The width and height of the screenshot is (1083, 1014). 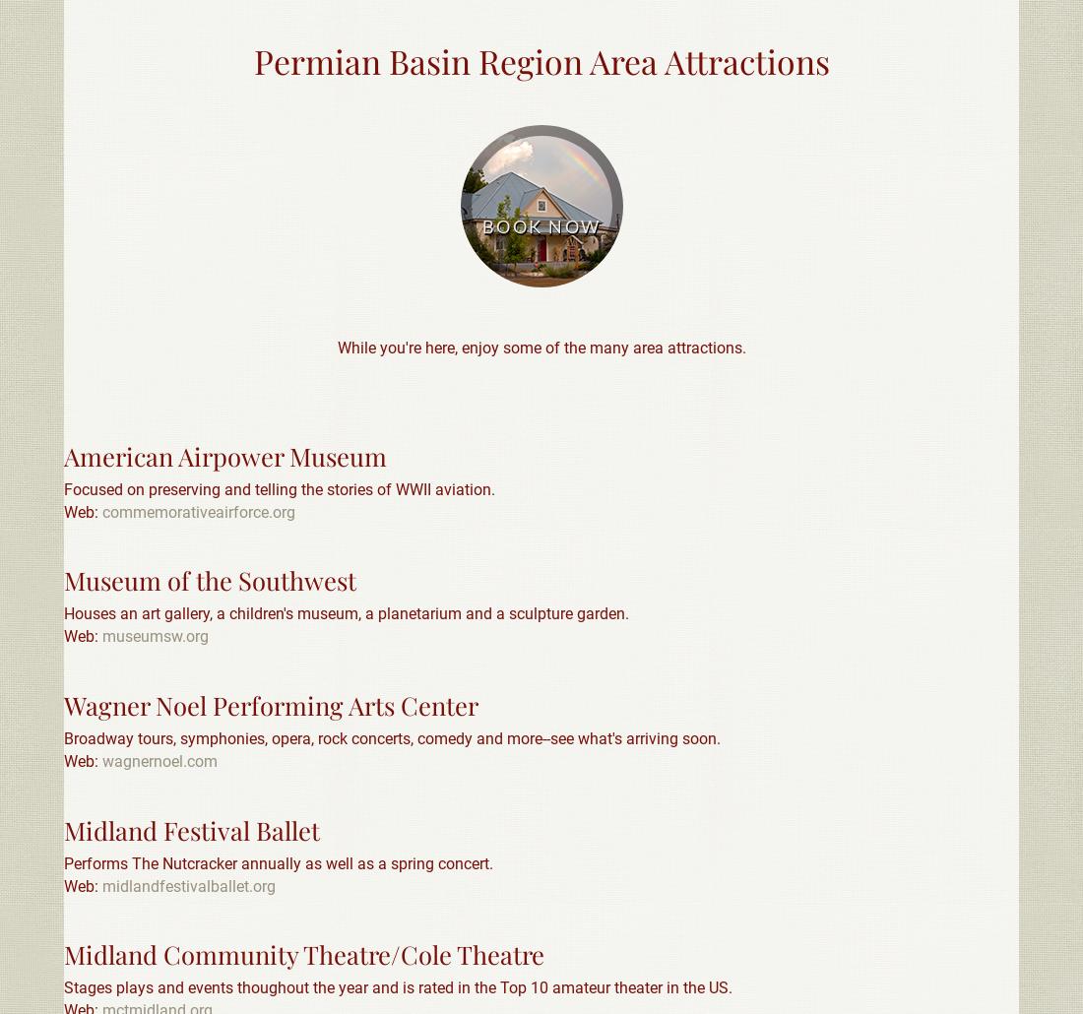 I want to click on 'While you're here, enjoy some of the many area attractions.', so click(x=335, y=347).